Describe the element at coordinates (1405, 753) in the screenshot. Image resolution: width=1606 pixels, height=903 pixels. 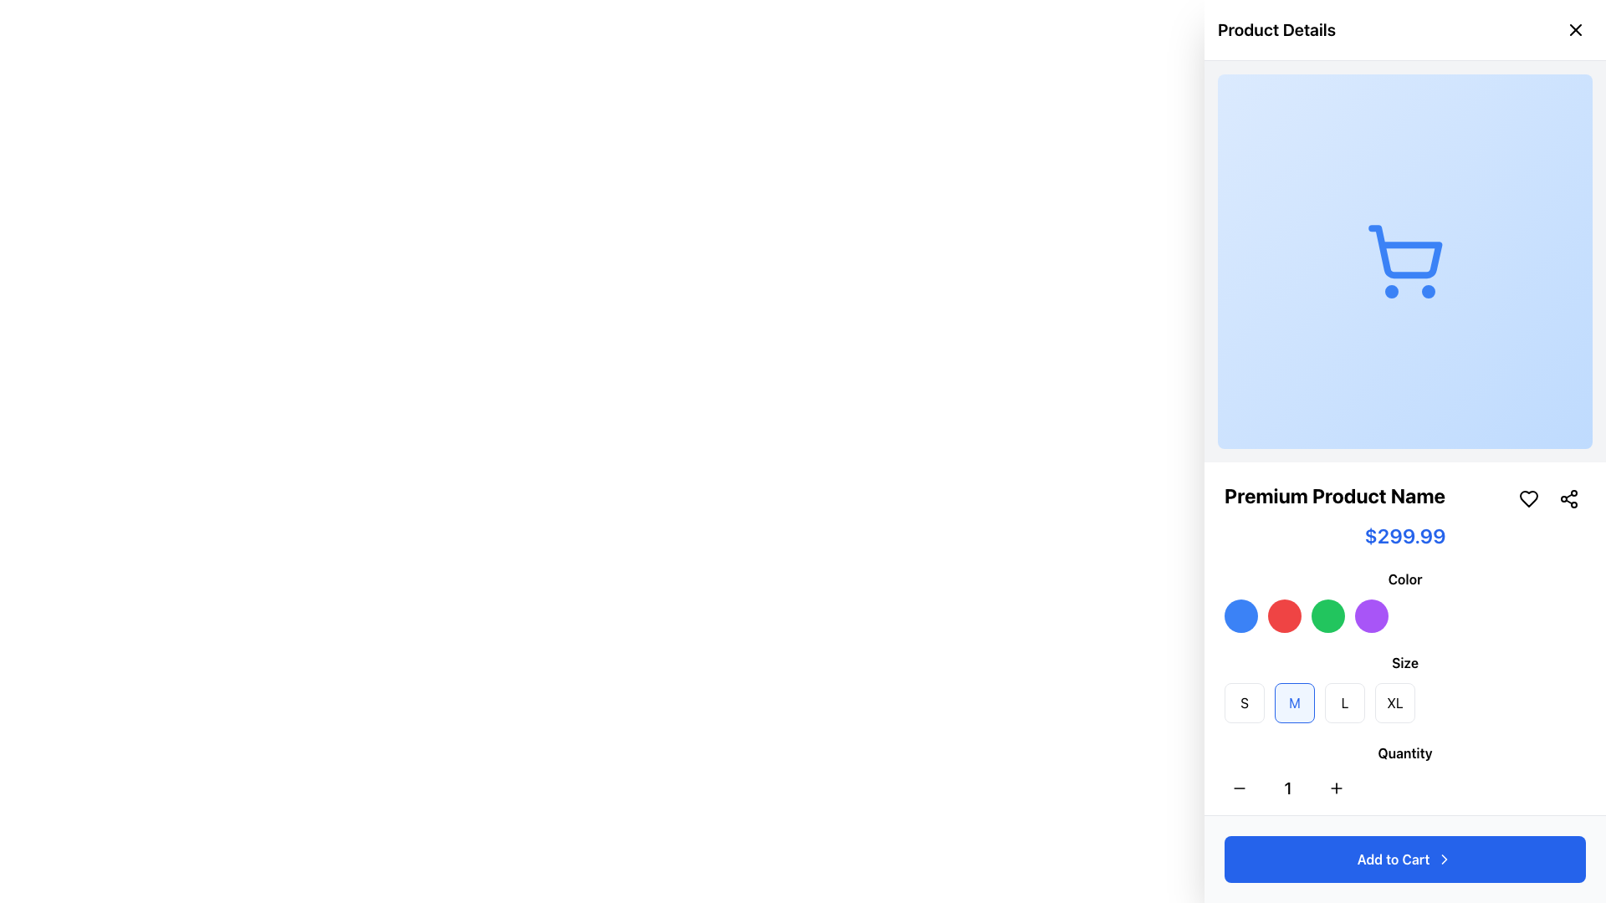
I see `label text that indicates the quantity adjustment functionality, which is positioned directly above the quantity adjustment UI` at that location.